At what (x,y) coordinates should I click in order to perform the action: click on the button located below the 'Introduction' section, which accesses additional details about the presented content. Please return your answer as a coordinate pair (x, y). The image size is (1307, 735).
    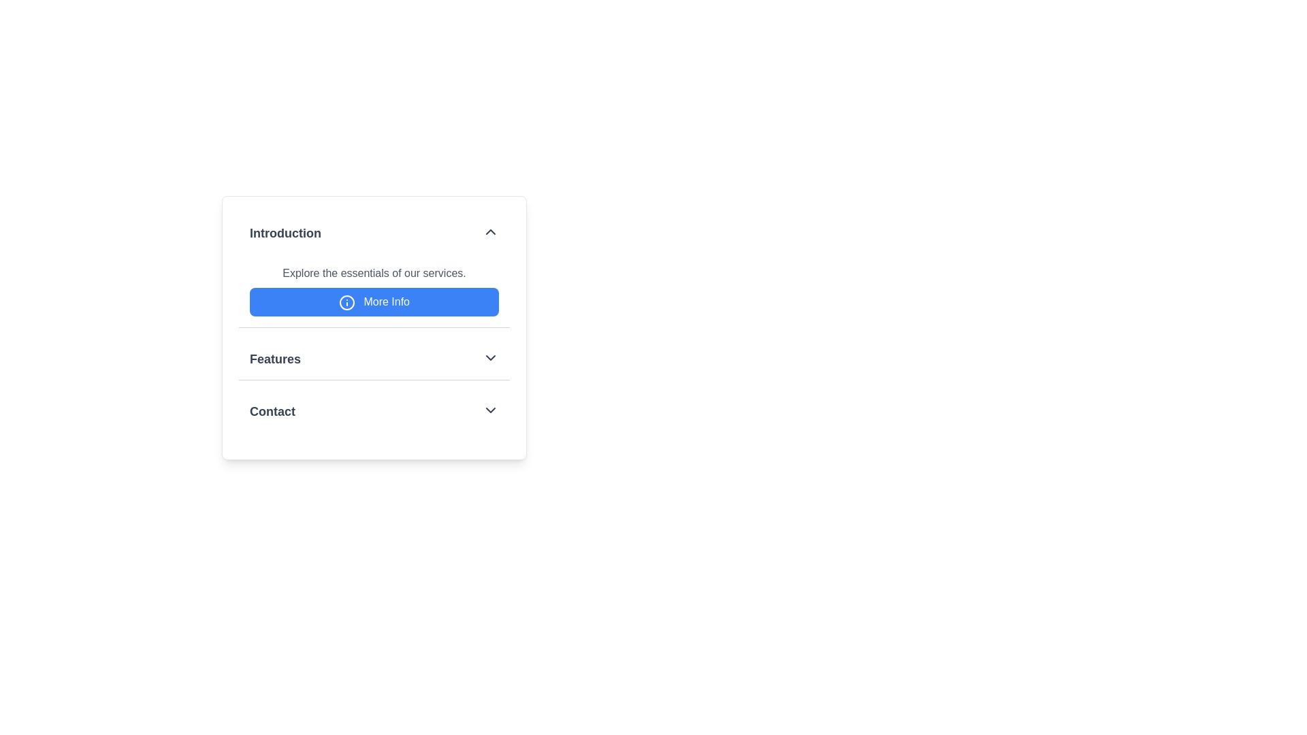
    Looking at the image, I should click on (374, 301).